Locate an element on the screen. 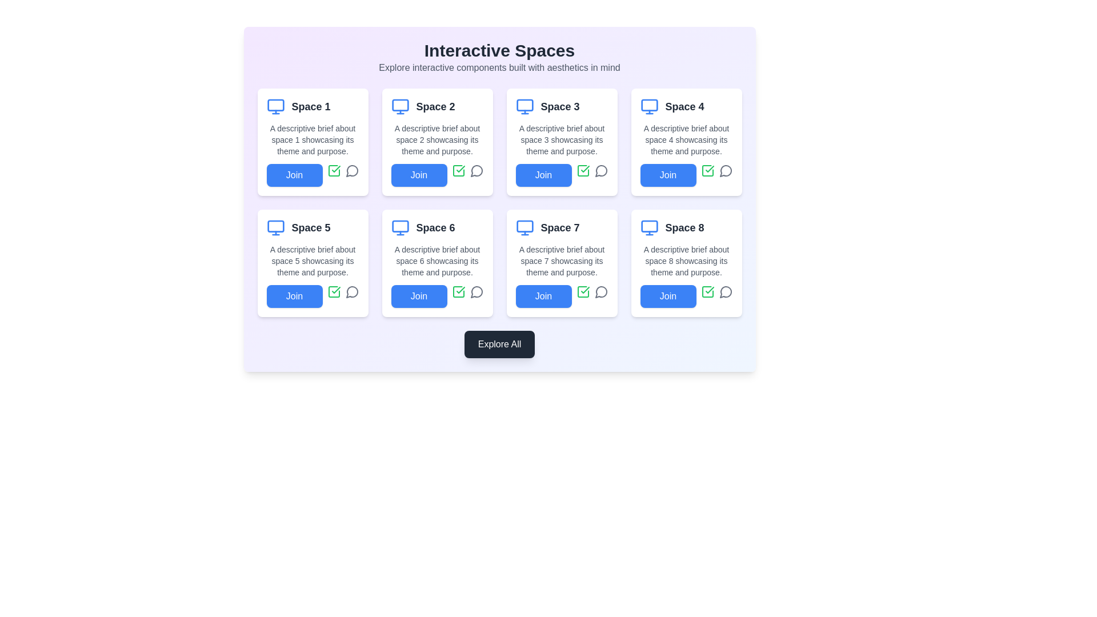  descriptive text block located in the 'Space 5' section, positioned between the title 'Space 5' and the button row is located at coordinates (313, 261).